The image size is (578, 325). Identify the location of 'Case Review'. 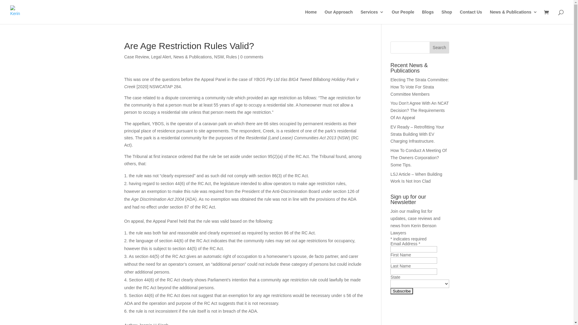
(136, 57).